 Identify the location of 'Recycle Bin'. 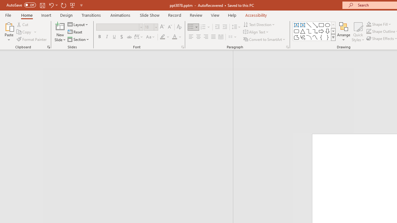
(11, 12).